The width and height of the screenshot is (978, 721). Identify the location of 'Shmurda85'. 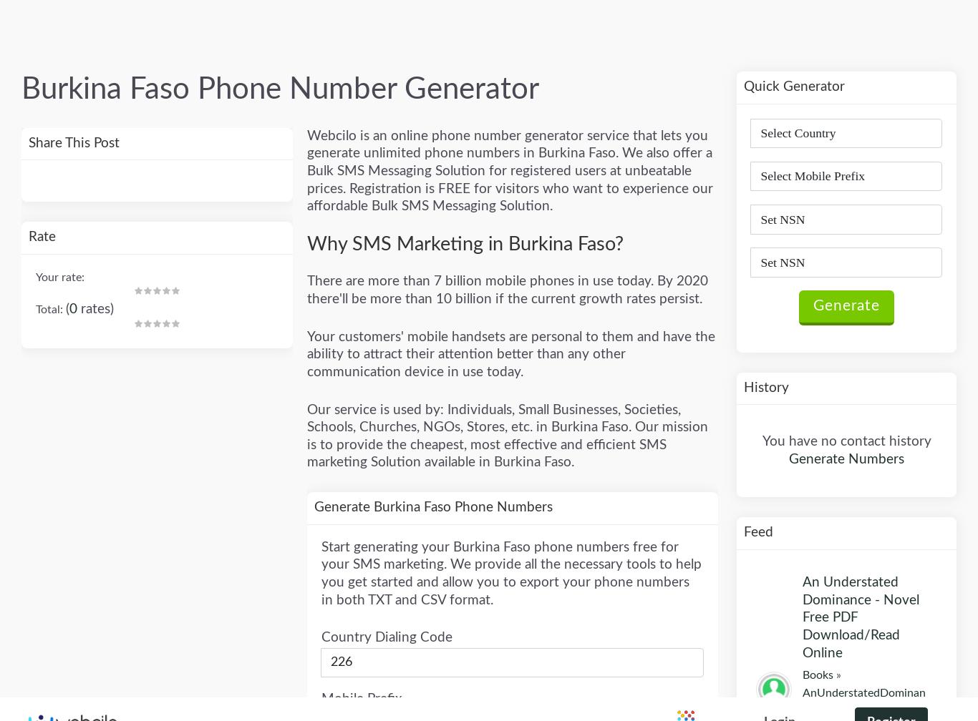
(839, 328).